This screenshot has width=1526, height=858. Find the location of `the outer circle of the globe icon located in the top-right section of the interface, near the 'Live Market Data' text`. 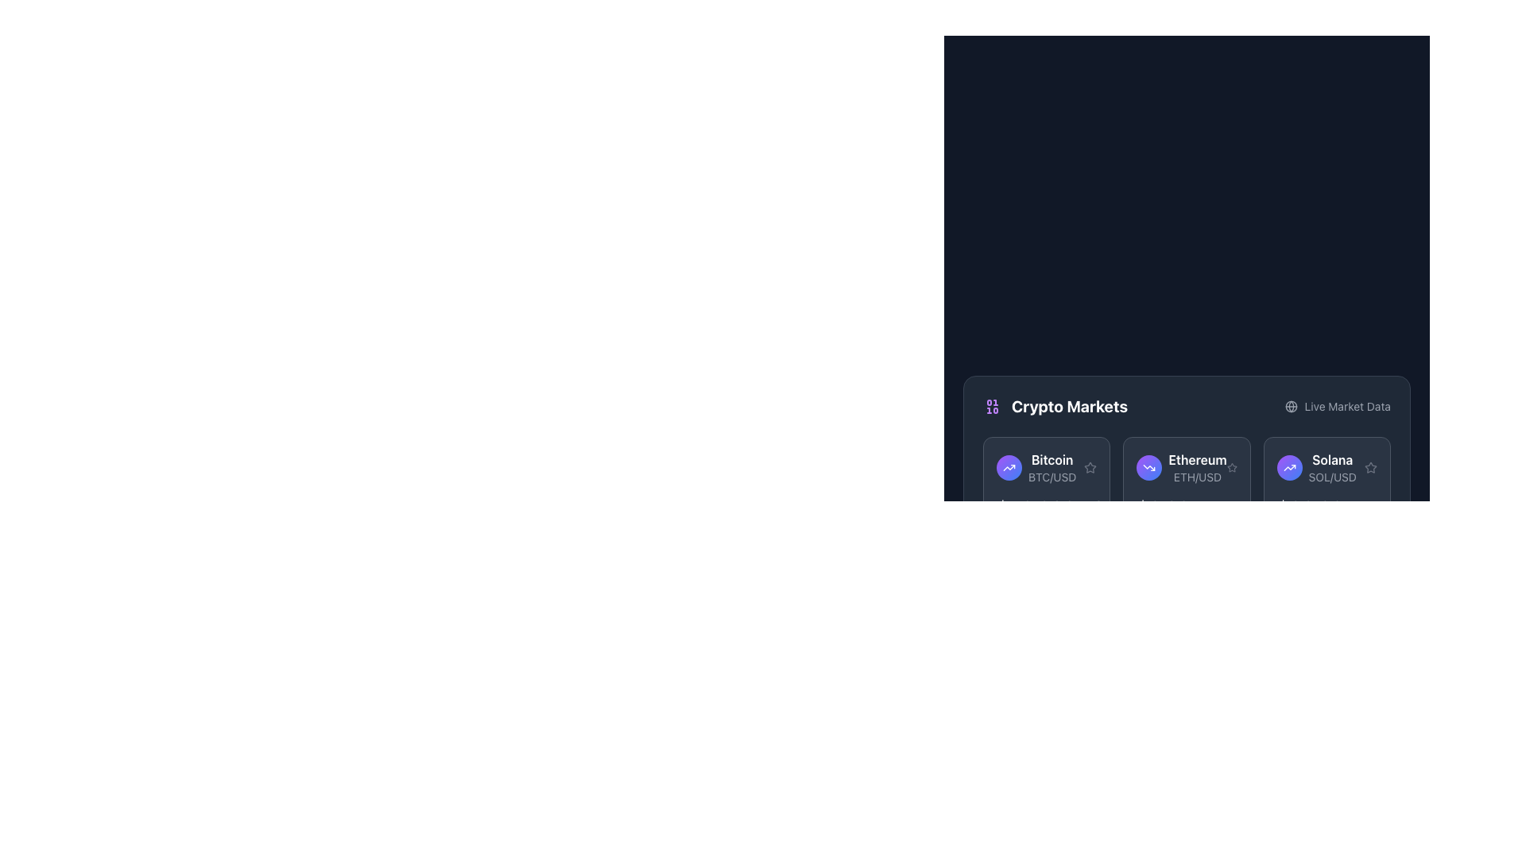

the outer circle of the globe icon located in the top-right section of the interface, near the 'Live Market Data' text is located at coordinates (1292, 406).